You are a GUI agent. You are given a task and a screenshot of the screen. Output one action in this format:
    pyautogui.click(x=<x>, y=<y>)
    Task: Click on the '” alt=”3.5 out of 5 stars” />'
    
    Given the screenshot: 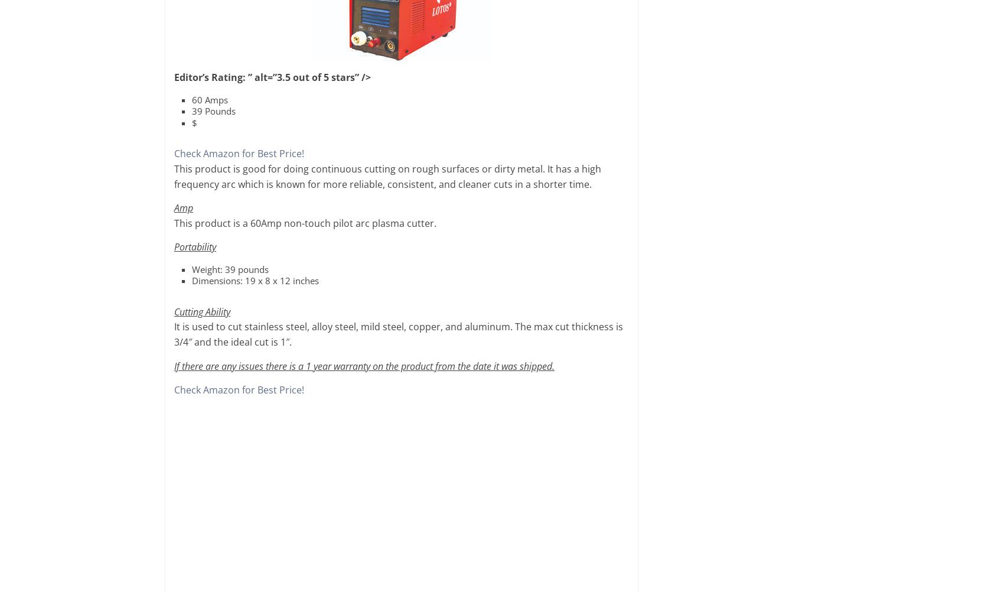 What is the action you would take?
    pyautogui.click(x=309, y=76)
    